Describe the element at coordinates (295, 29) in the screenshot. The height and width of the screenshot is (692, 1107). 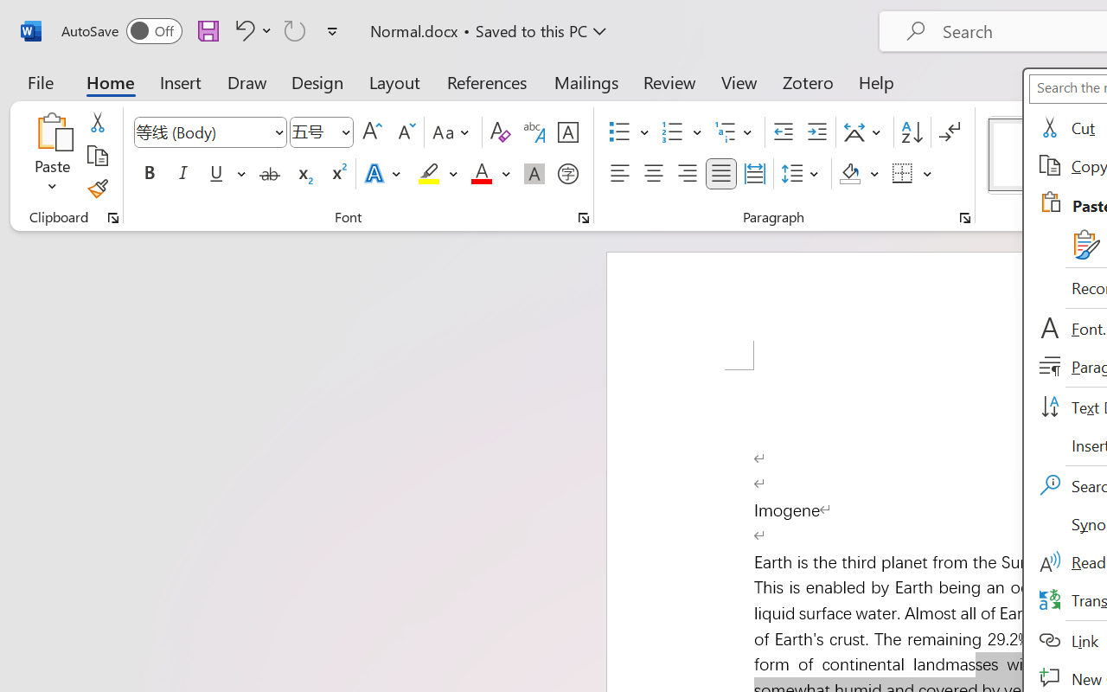
I see `'Can'` at that location.